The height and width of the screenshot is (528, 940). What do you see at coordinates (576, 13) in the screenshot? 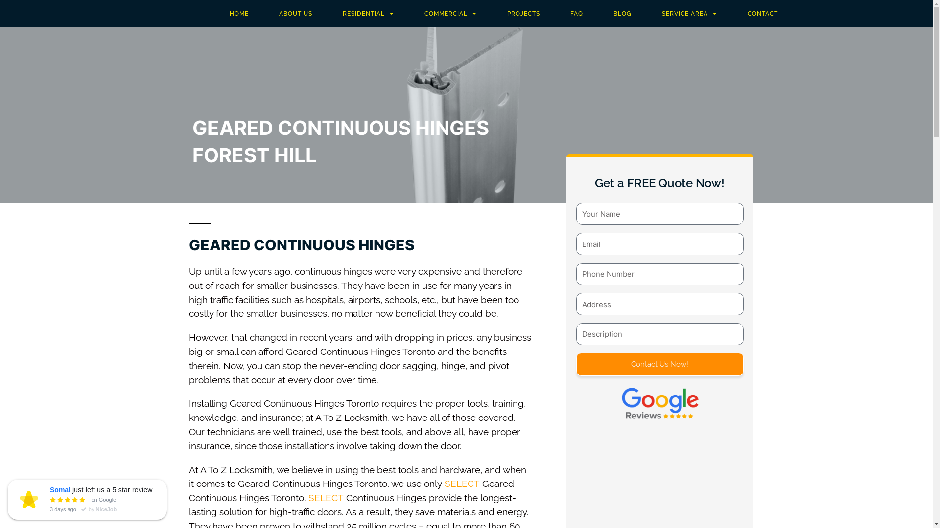
I see `'FAQ'` at bounding box center [576, 13].